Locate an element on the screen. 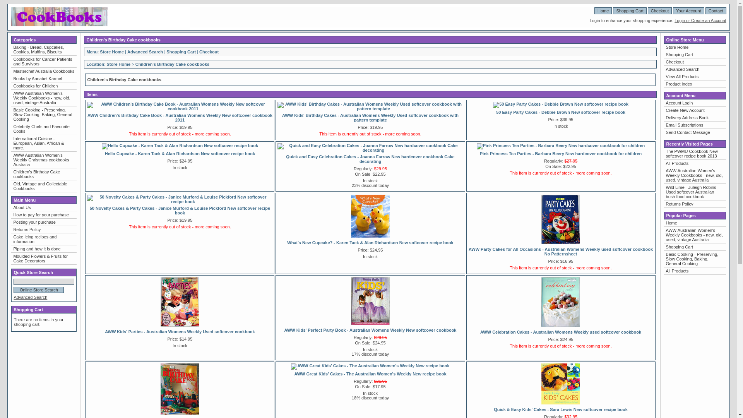 The height and width of the screenshot is (418, 743). 'AWW Australian Women's Weekly Christmas cookbooks Australia' is located at coordinates (43, 159).